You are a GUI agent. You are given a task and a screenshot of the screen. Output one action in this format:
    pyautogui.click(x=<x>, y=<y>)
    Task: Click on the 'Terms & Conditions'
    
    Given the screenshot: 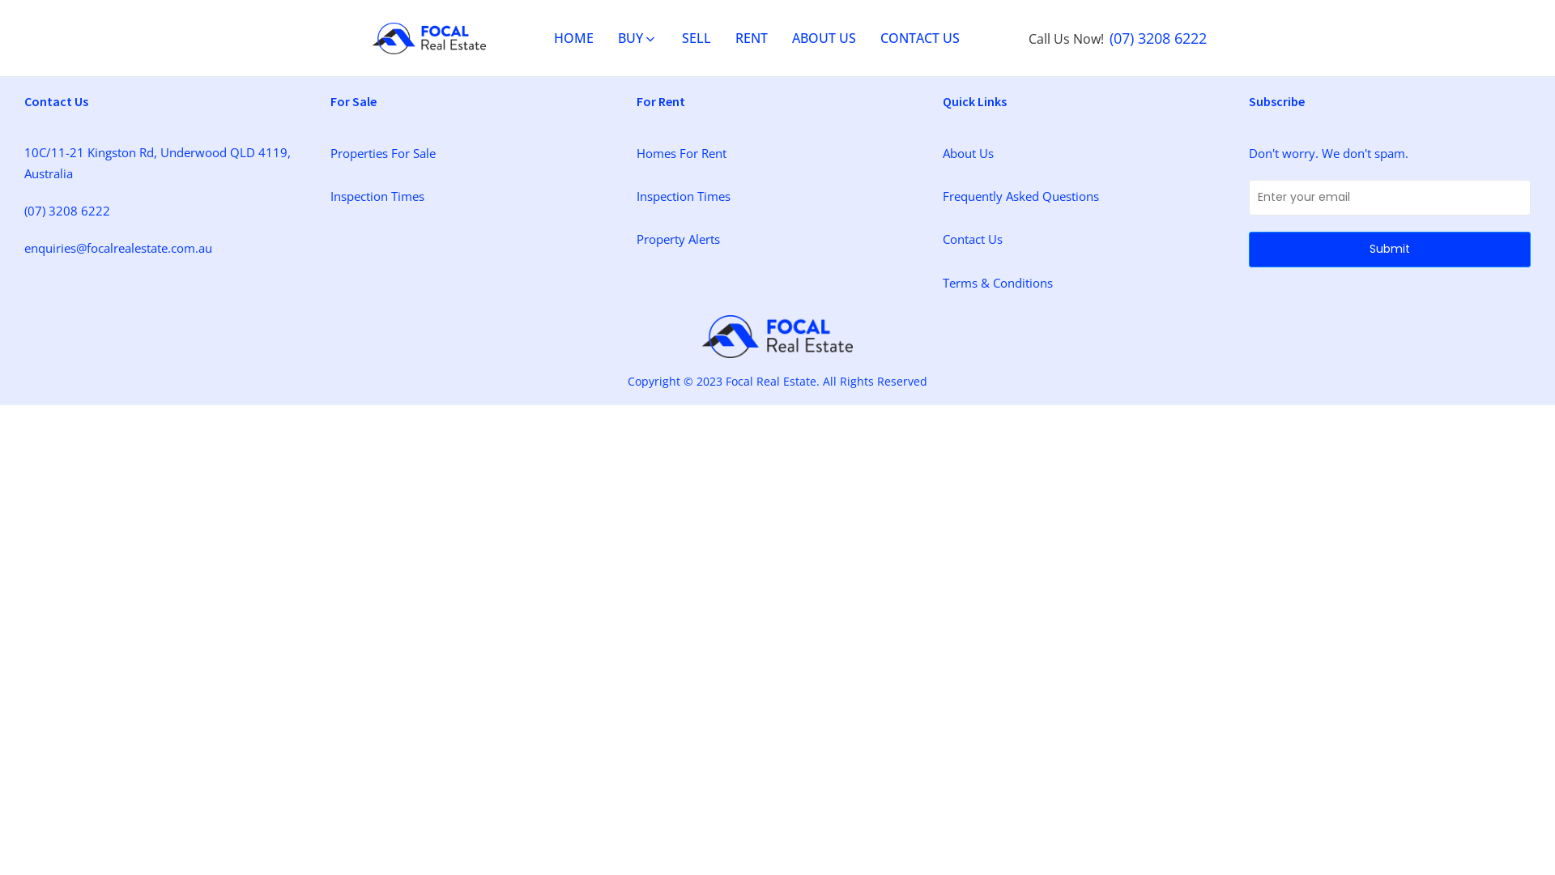 What is the action you would take?
    pyautogui.click(x=997, y=281)
    